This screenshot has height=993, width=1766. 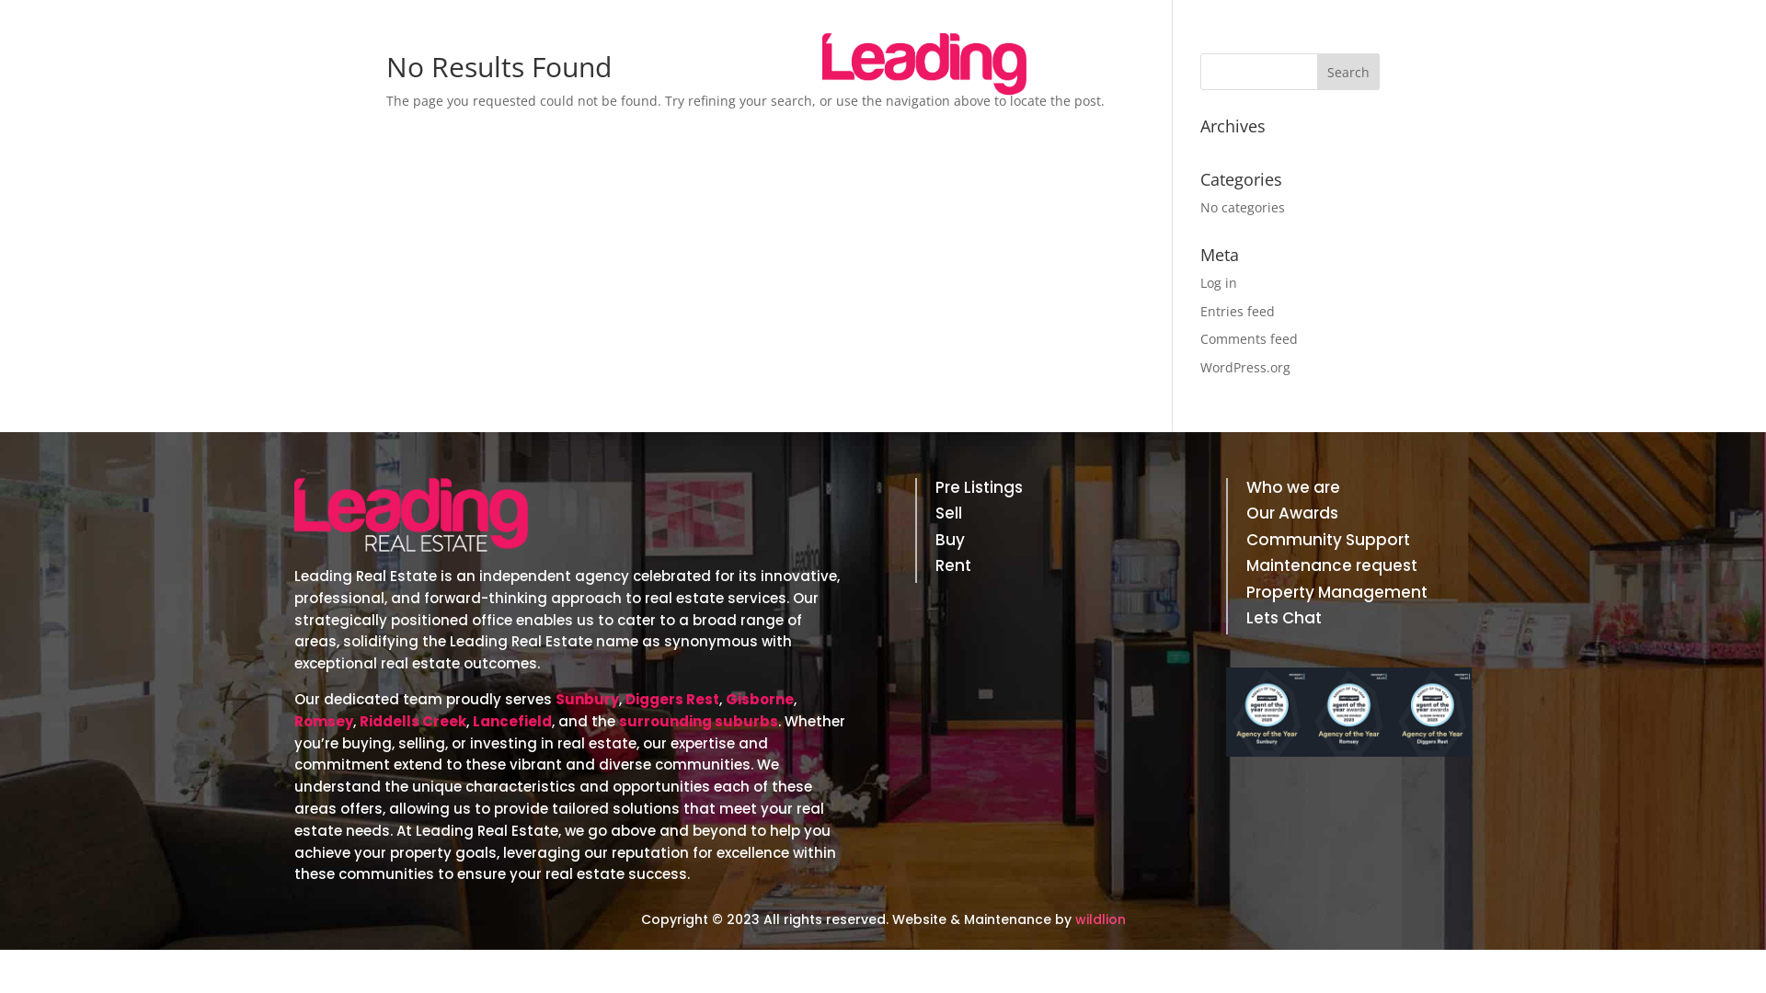 What do you see at coordinates (1237, 310) in the screenshot?
I see `'Entries feed'` at bounding box center [1237, 310].